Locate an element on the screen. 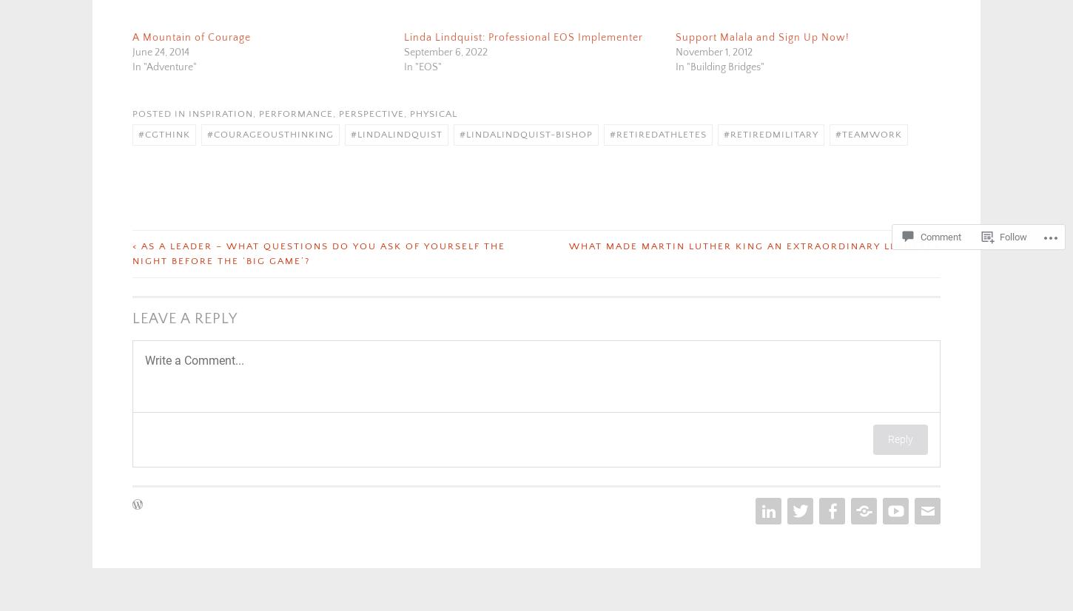 The width and height of the screenshot is (1073, 611). 'Performance' is located at coordinates (295, 112).